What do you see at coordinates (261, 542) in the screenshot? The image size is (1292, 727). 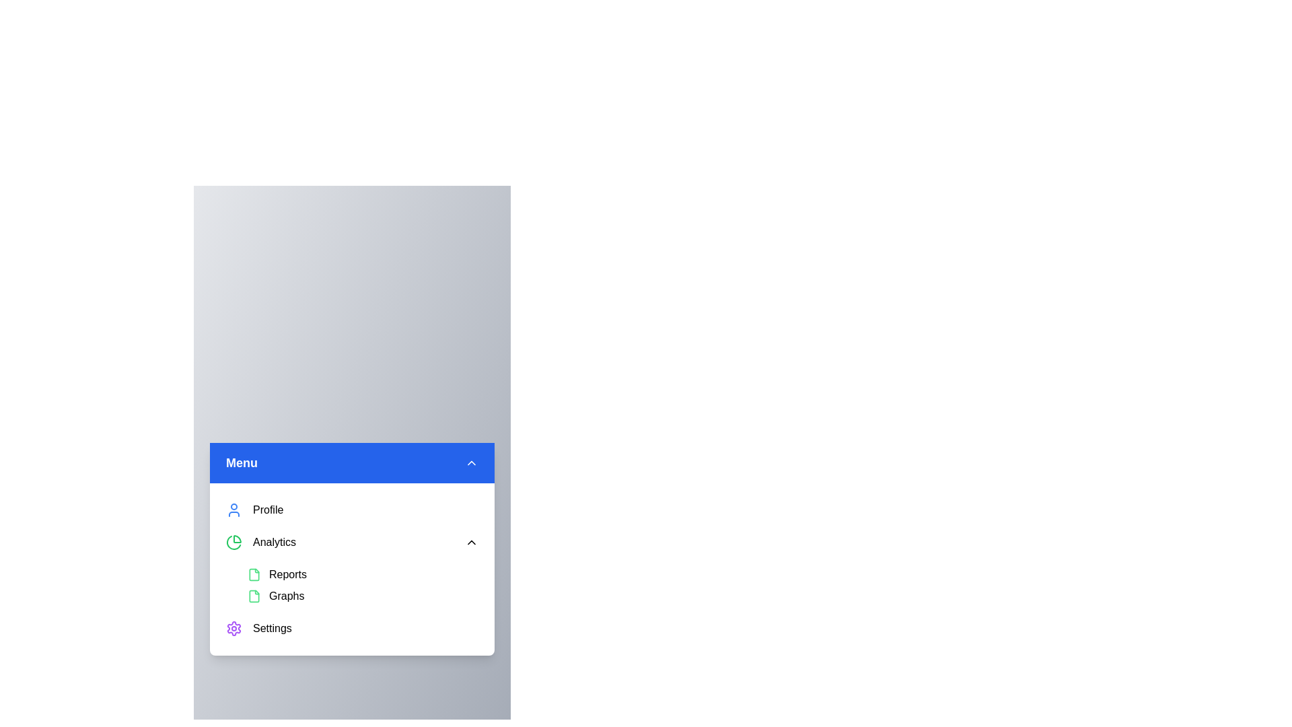 I see `the 'Analytics' menu item, which features a green pie-chart icon and is positioned second from the top in the menu list` at bounding box center [261, 542].